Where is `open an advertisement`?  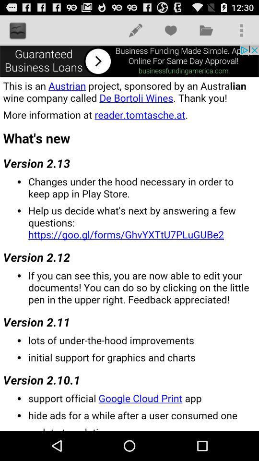
open an advertisement is located at coordinates (129, 61).